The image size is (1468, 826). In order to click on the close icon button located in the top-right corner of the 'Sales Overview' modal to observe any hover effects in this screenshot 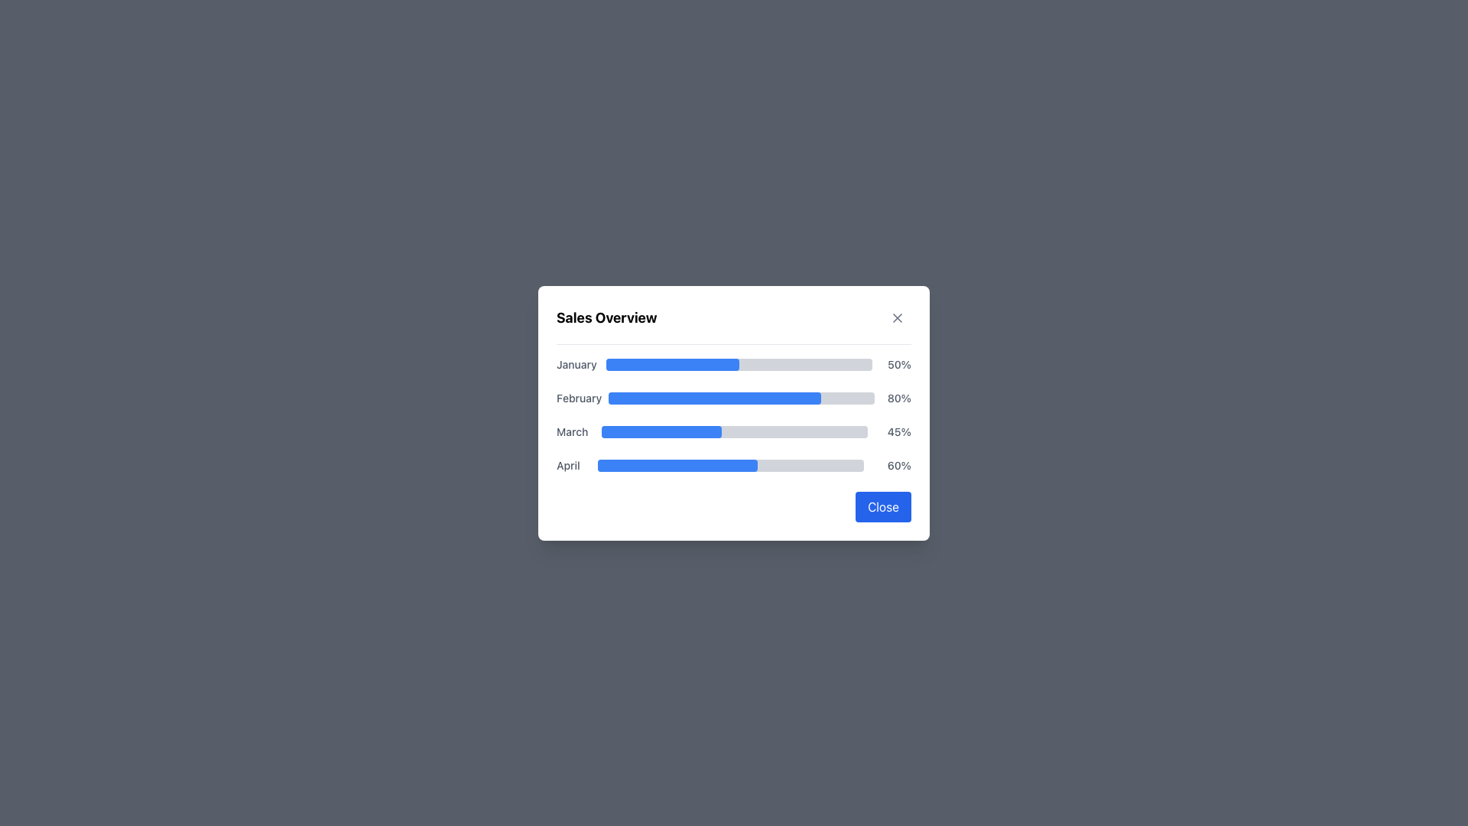, I will do `click(898, 317)`.